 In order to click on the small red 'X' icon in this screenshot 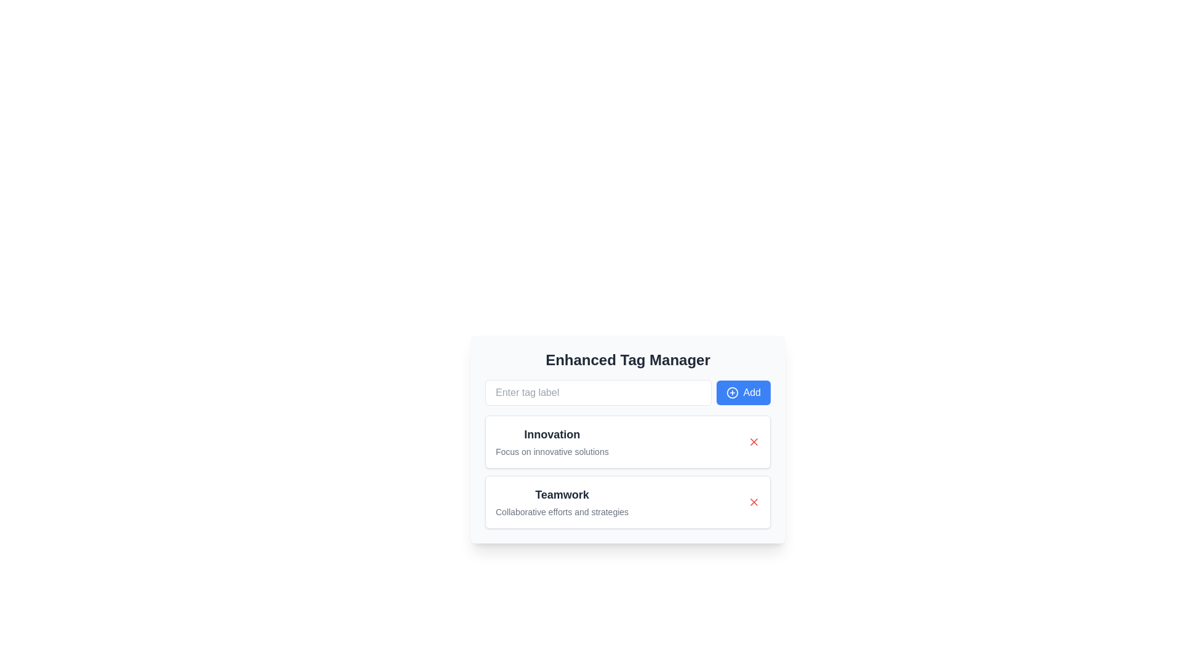, I will do `click(753, 502)`.